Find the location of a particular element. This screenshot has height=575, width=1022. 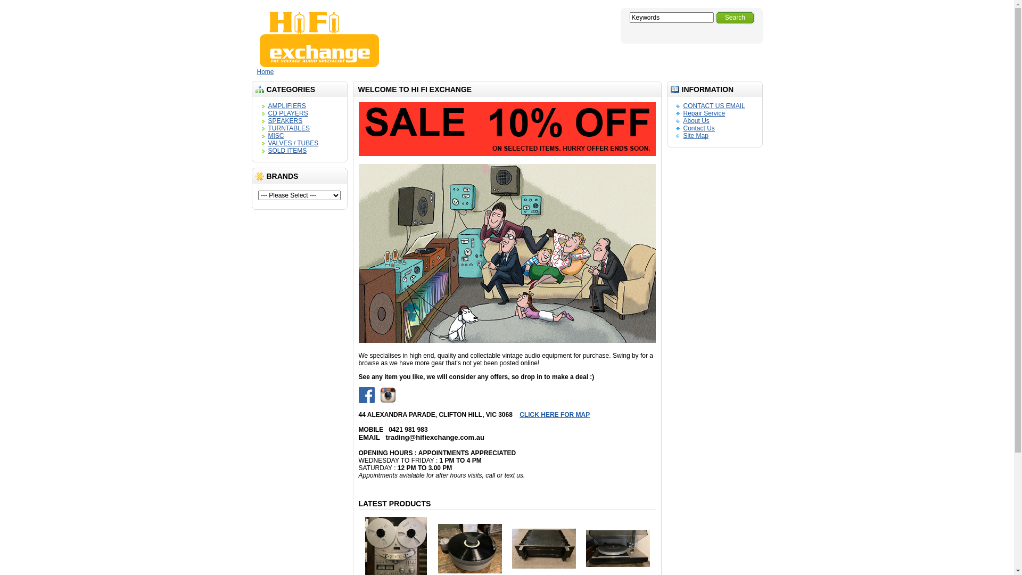

'CONTACT US EMAIL' is located at coordinates (714, 106).